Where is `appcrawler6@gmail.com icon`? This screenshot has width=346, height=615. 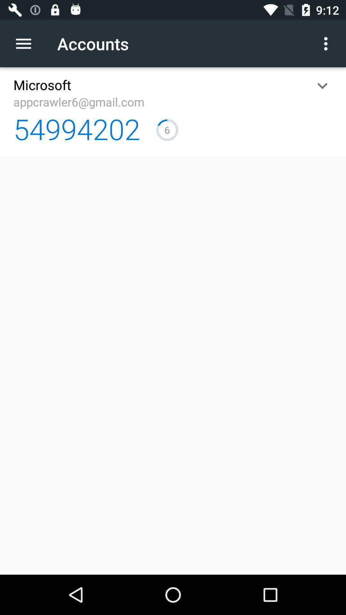 appcrawler6@gmail.com icon is located at coordinates (78, 101).